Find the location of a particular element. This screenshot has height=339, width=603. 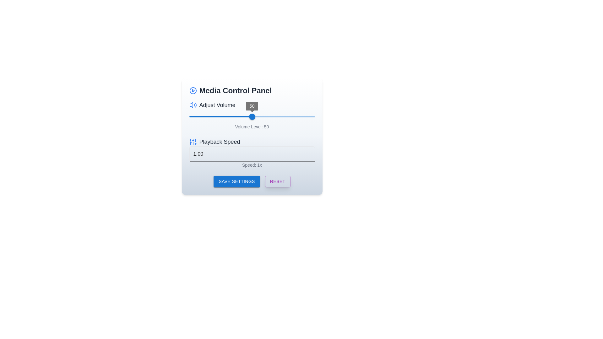

volume is located at coordinates (229, 116).